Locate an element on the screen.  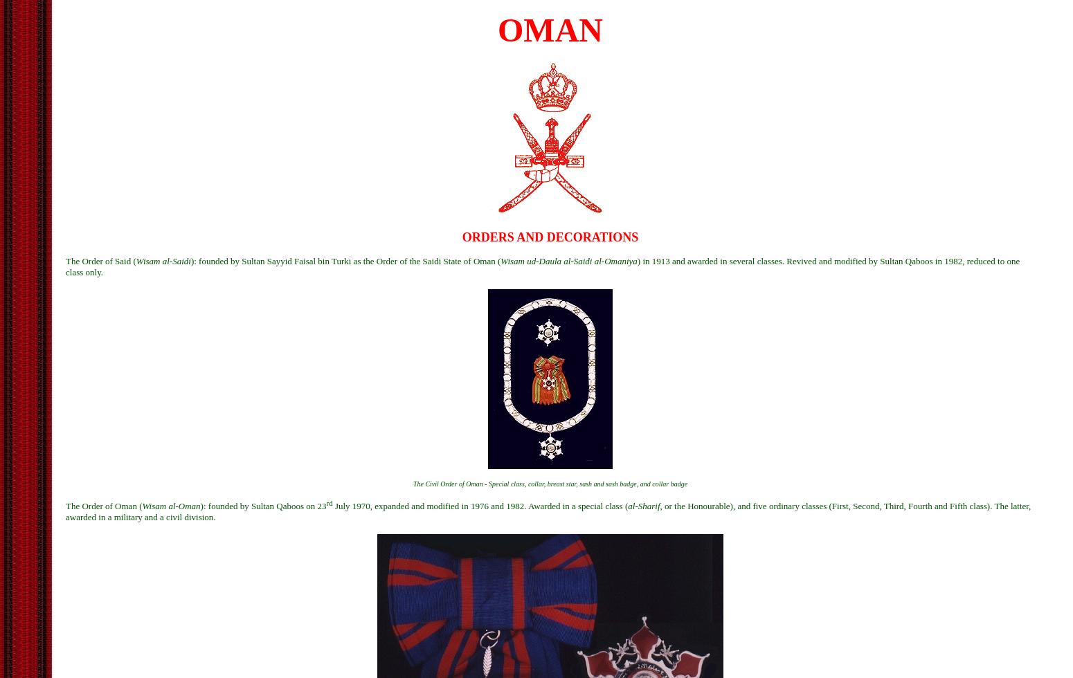
'The Order of Oman (' is located at coordinates (104, 506).